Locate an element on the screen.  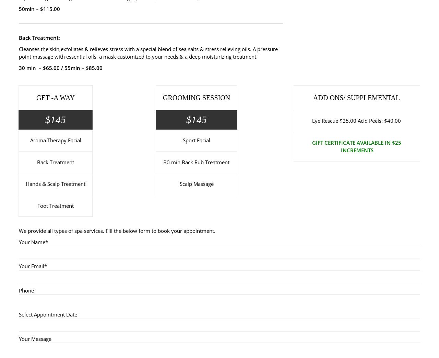
'Back Treatment' is located at coordinates (38, 38).